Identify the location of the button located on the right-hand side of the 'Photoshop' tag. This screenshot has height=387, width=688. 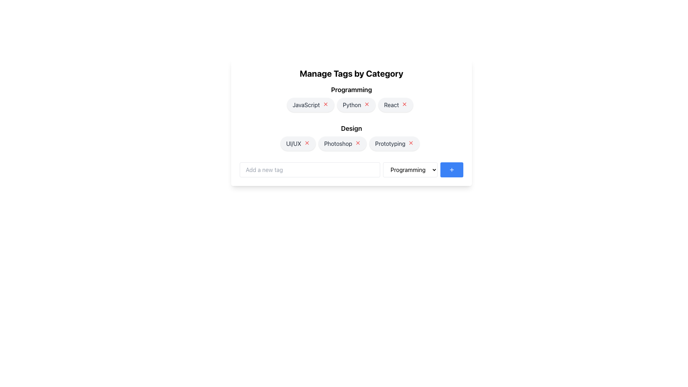
(358, 143).